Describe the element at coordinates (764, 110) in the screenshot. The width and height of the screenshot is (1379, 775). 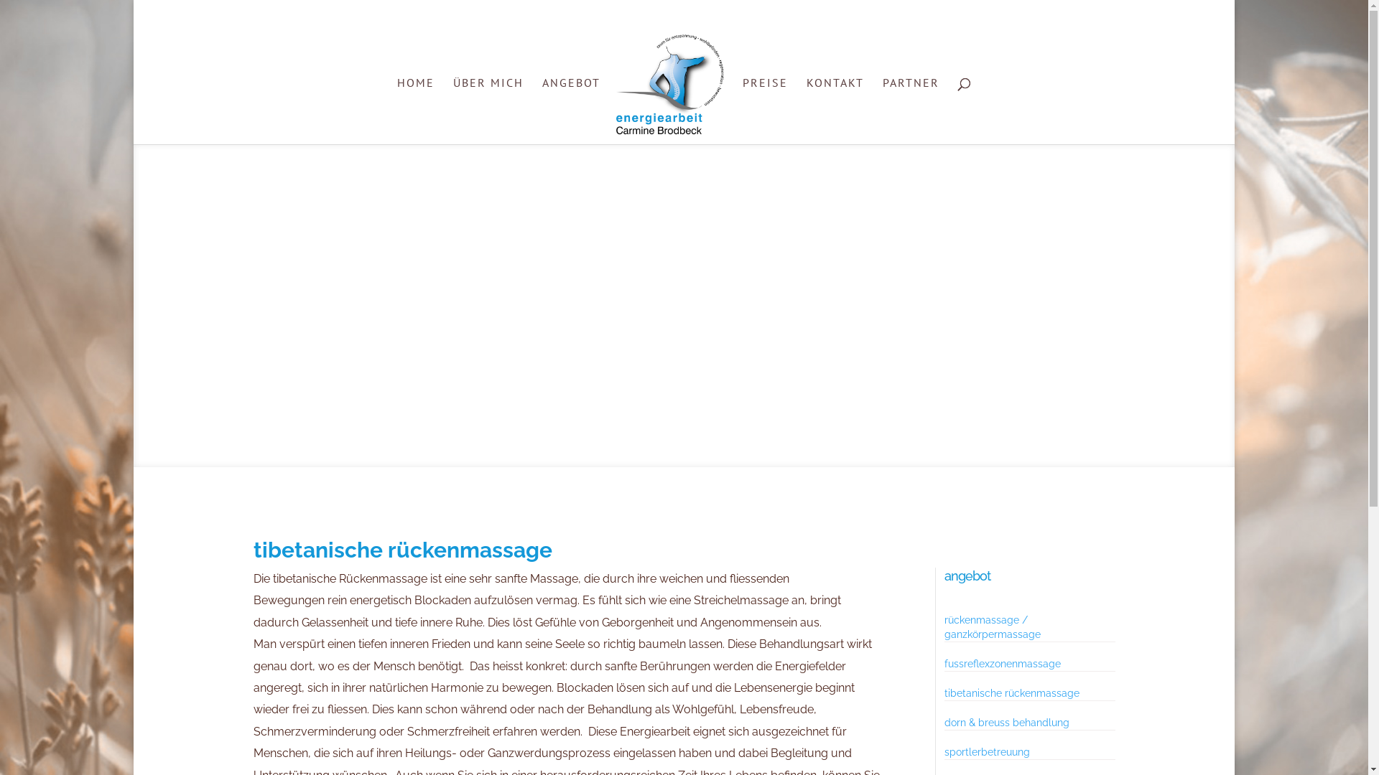
I see `'PREISE'` at that location.